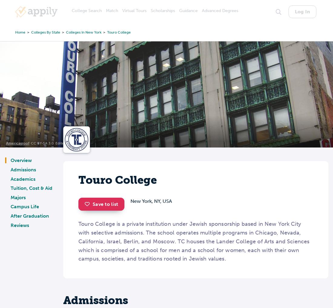 The image size is (333, 308). I want to click on 'Touro College is a private institution under Jewish sponsorship based in New York City with selective admissions. The school operates multiple programs in Chicago, Nevada, California, Israel, Berlin, and Moscow. TC houses the Lander College of Arts and Sciences which is comprised of a school for men and a school for women, each with their own campus, societies, and traditions rooted in Jewish values.', so click(194, 241).